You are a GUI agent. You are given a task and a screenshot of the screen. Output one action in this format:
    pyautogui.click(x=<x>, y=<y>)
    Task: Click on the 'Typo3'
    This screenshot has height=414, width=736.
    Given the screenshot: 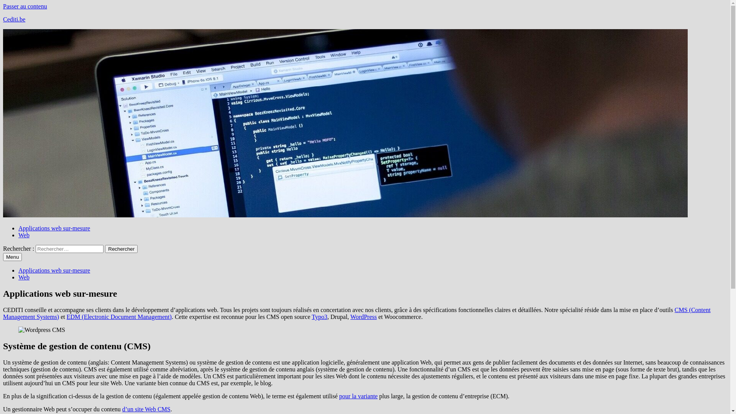 What is the action you would take?
    pyautogui.click(x=319, y=317)
    